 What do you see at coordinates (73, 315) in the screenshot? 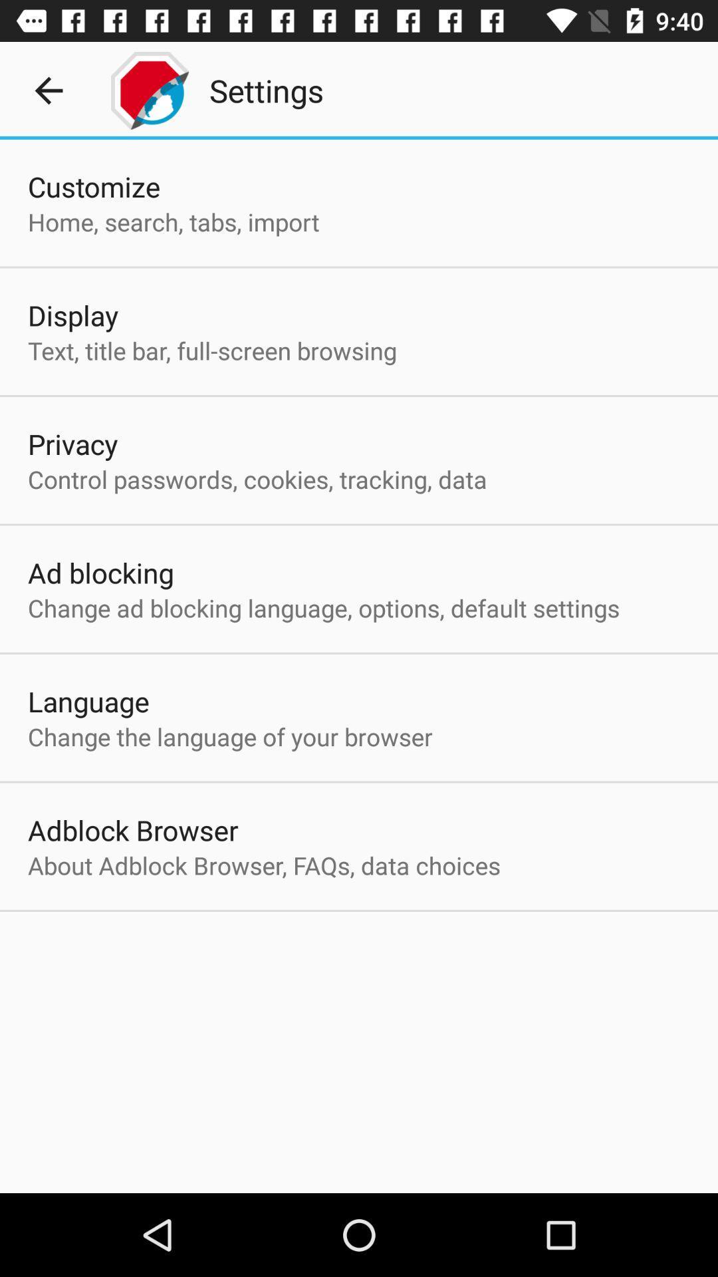
I see `the app above text title bar` at bounding box center [73, 315].